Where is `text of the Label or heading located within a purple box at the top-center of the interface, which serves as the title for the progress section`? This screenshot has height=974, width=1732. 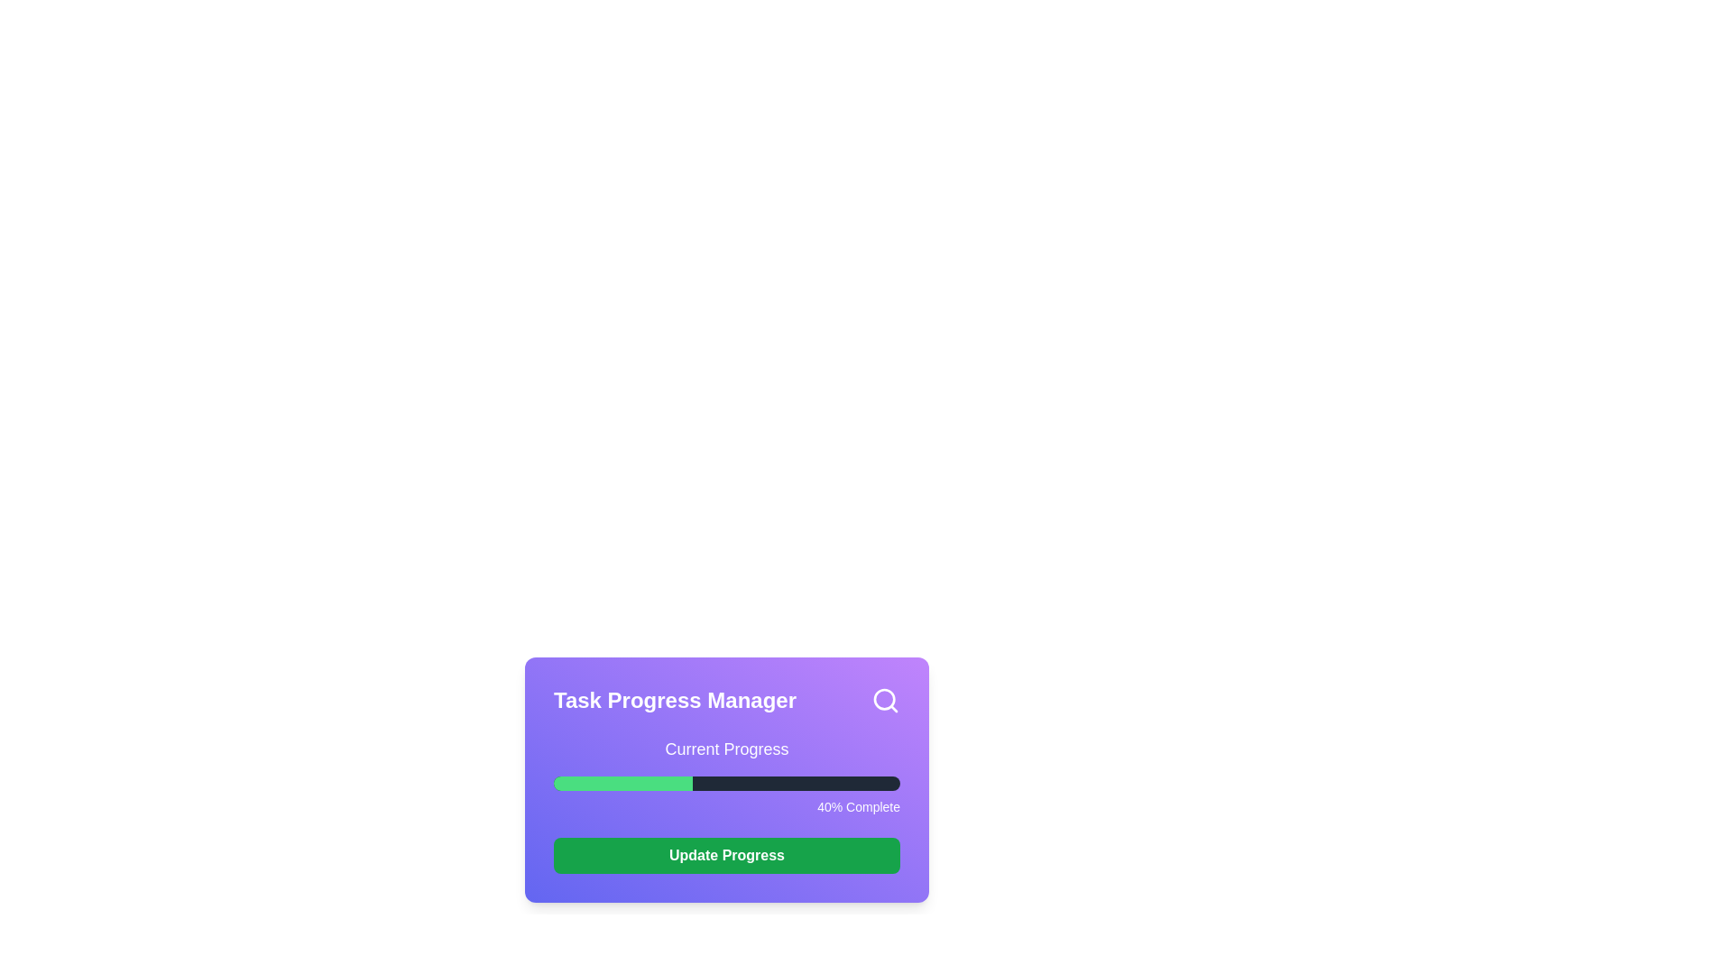 text of the Label or heading located within a purple box at the top-center of the interface, which serves as the title for the progress section is located at coordinates (727, 749).